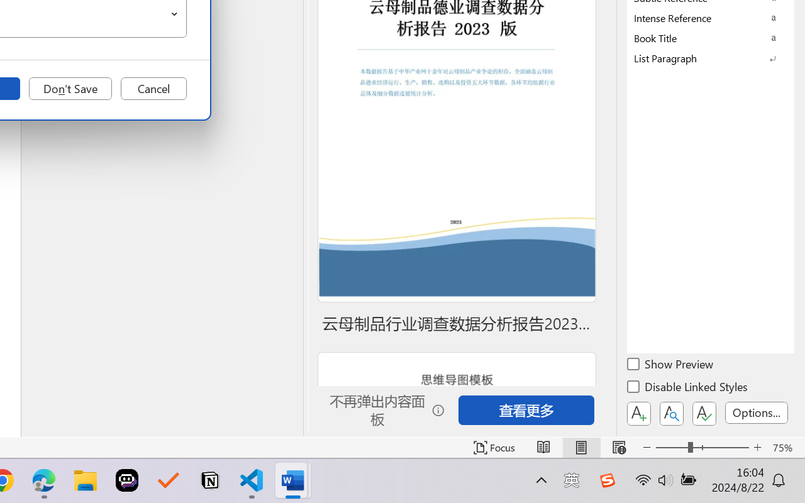 The width and height of the screenshot is (805, 503). What do you see at coordinates (580, 447) in the screenshot?
I see `'Print Layout'` at bounding box center [580, 447].